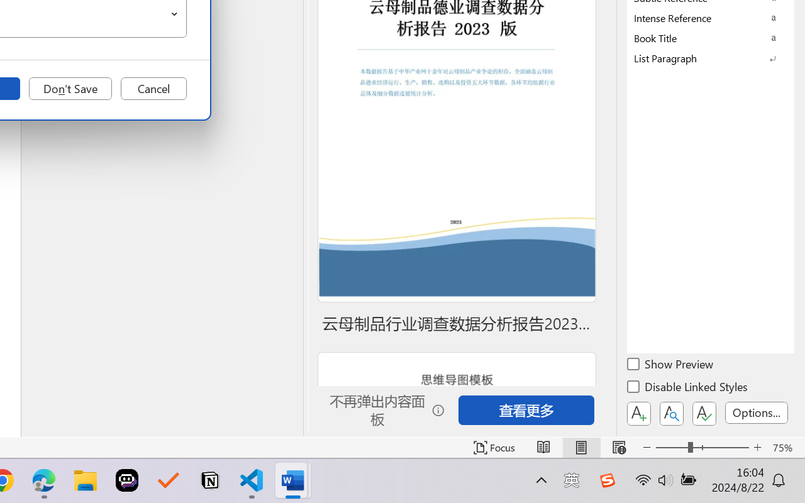 The width and height of the screenshot is (805, 503). What do you see at coordinates (580, 447) in the screenshot?
I see `'Print Layout'` at bounding box center [580, 447].